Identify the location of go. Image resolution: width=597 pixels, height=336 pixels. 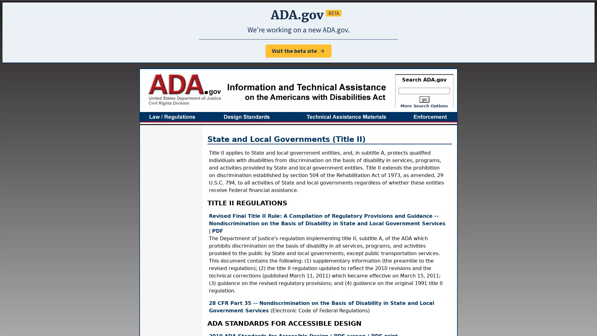
(423, 99).